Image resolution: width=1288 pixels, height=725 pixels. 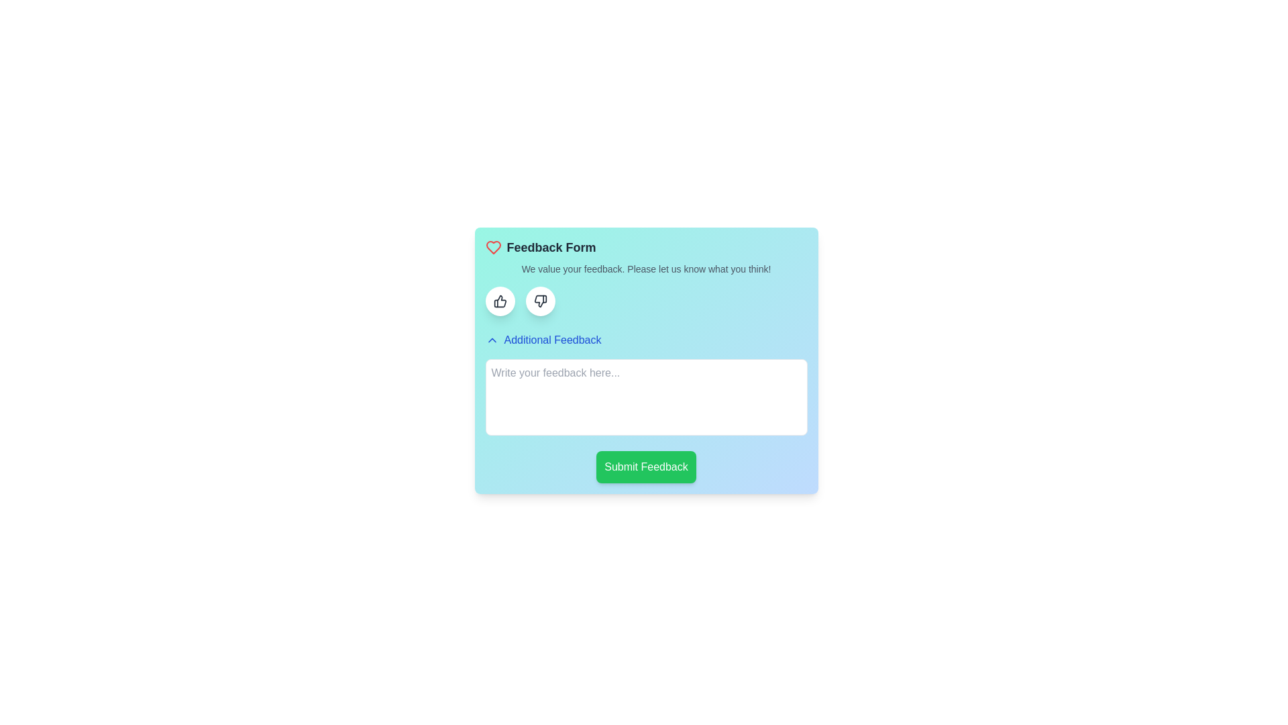 I want to click on informative text located below the 'Feedback Form' title and heart icon, which provides motivation for user engagement with the feedback form, so click(x=646, y=269).